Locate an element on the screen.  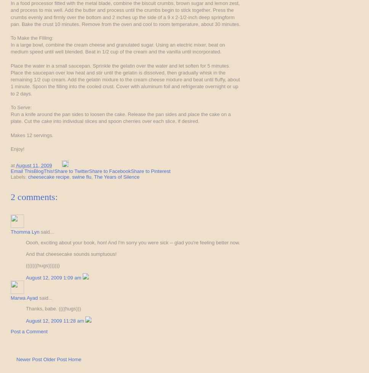
'Older Post' is located at coordinates (55, 358).